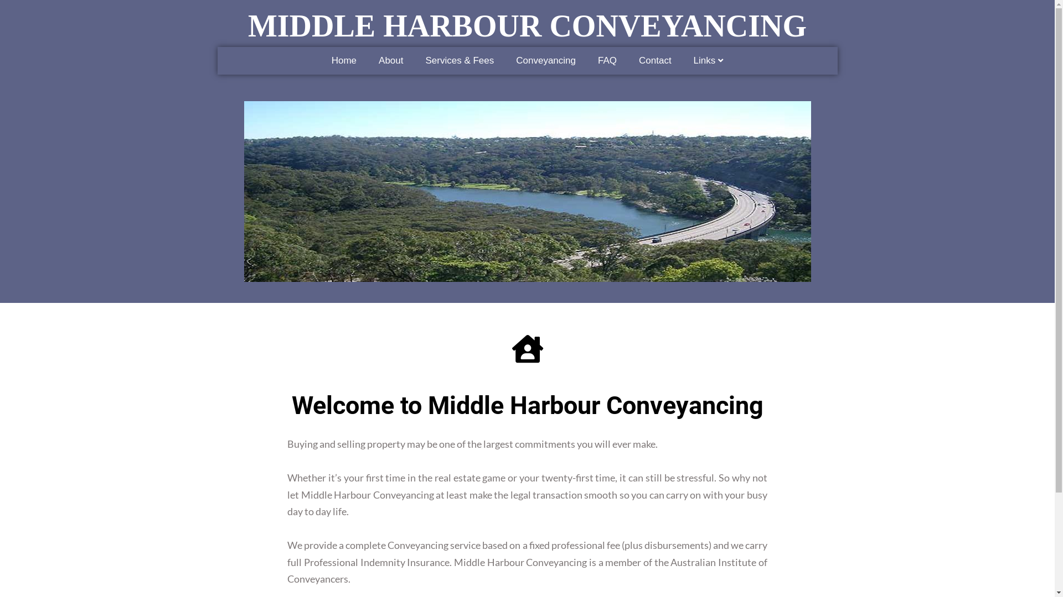 The height and width of the screenshot is (597, 1063). Describe the element at coordinates (709, 61) in the screenshot. I see `'Links'` at that location.